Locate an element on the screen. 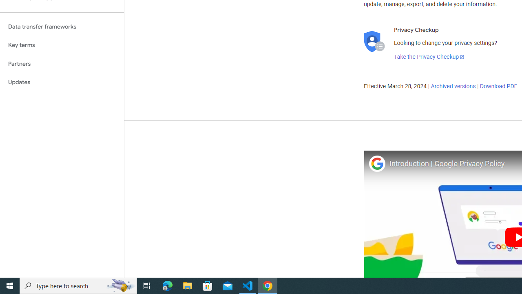  'Take the Privacy Checkup' is located at coordinates (429, 57).